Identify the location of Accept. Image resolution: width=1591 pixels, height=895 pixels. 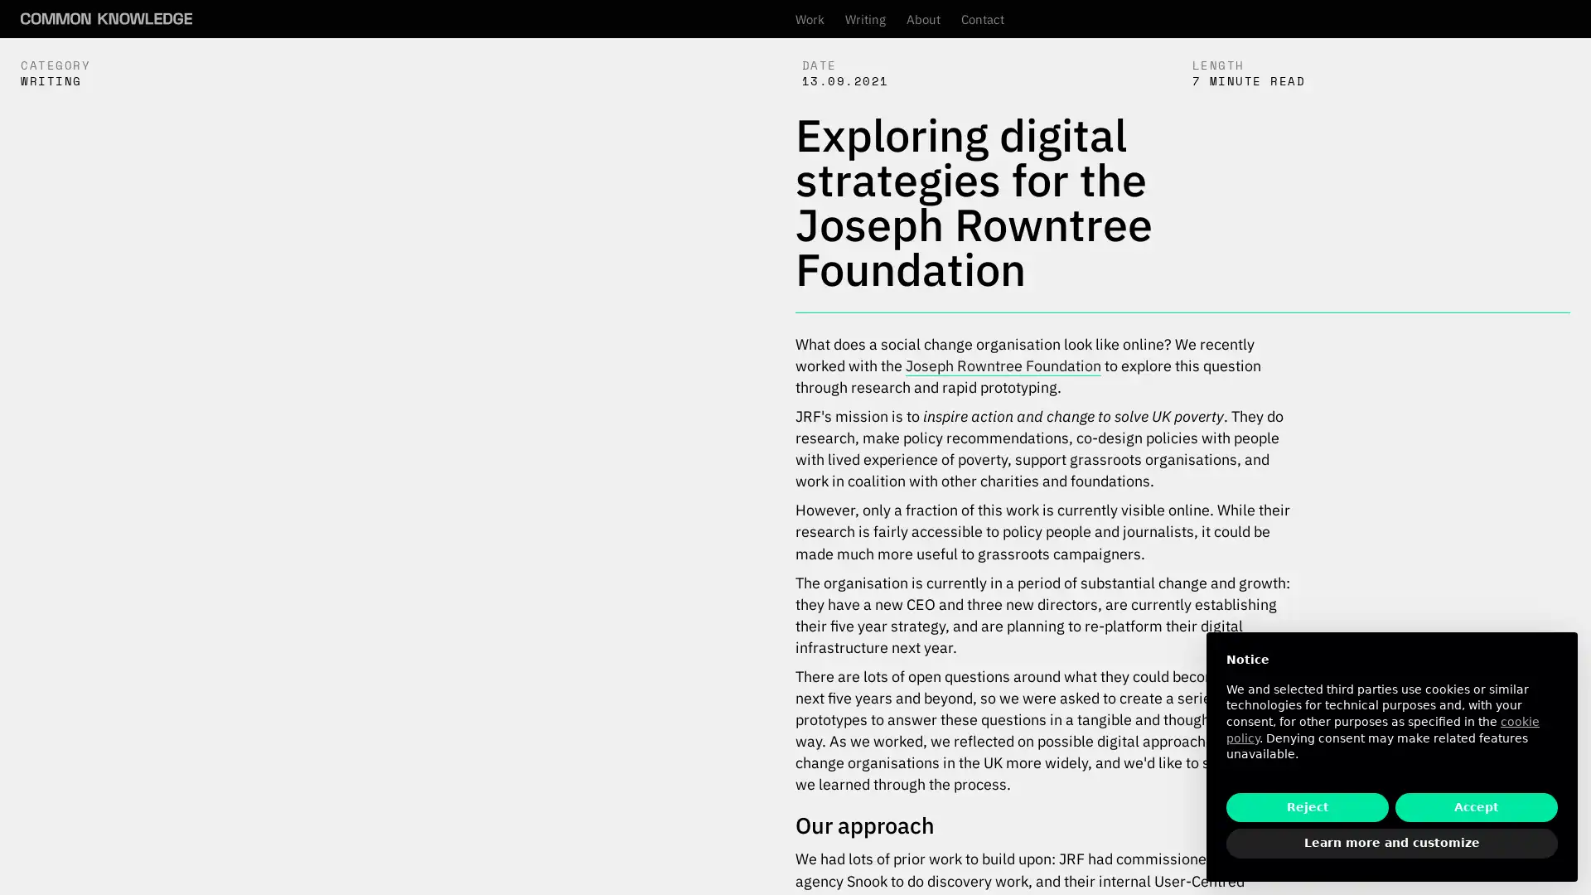
(1476, 806).